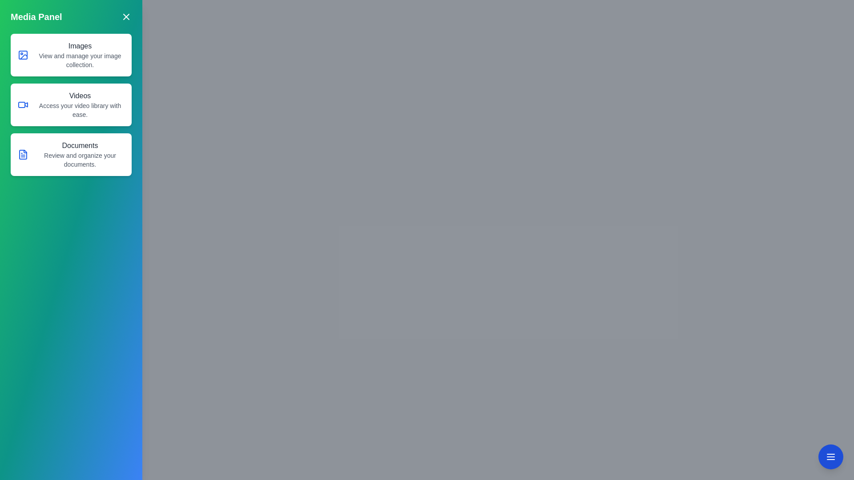 The width and height of the screenshot is (854, 480). I want to click on text content of the 'Images' text label located at the upper-center position of the first card in the vertical list within the side panel, so click(80, 46).